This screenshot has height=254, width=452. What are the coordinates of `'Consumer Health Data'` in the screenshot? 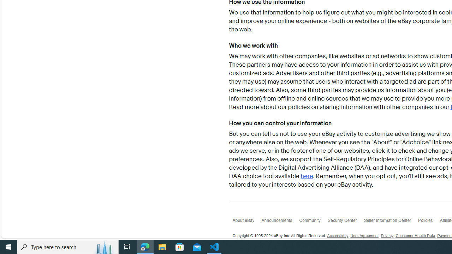 It's located at (415, 236).